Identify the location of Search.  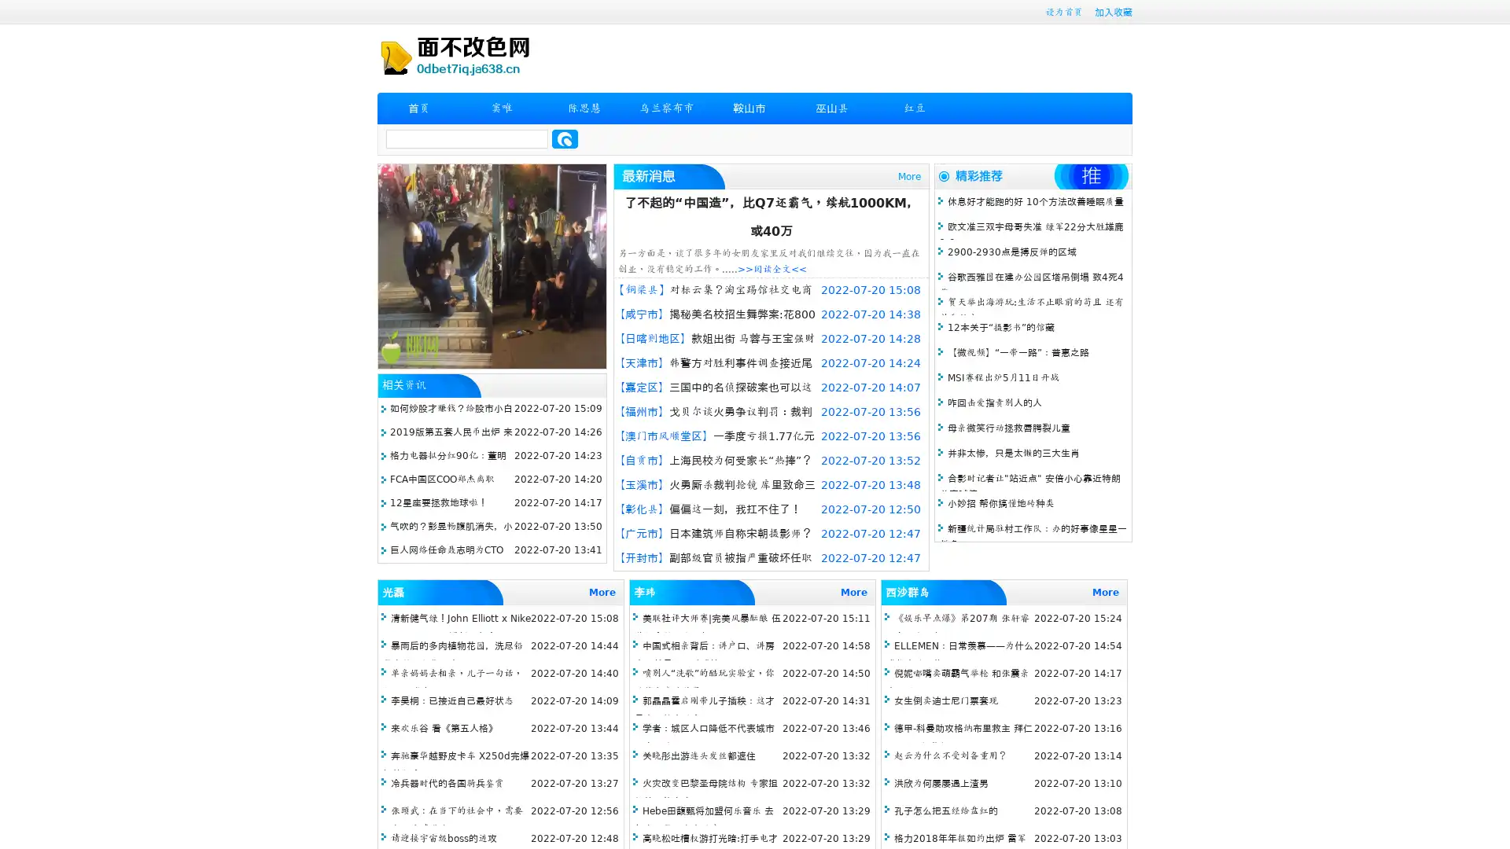
(565, 138).